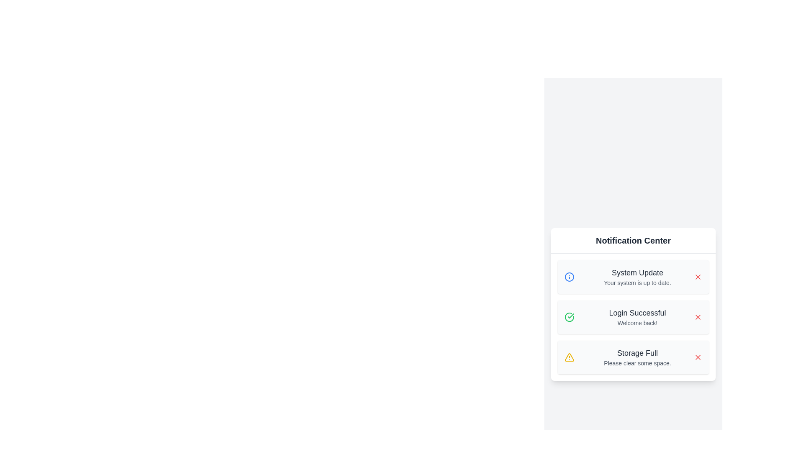 Image resolution: width=804 pixels, height=452 pixels. What do you see at coordinates (637, 317) in the screenshot?
I see `second notification in the Notification Center that indicates a successful login event and includes a welcome-back message` at bounding box center [637, 317].